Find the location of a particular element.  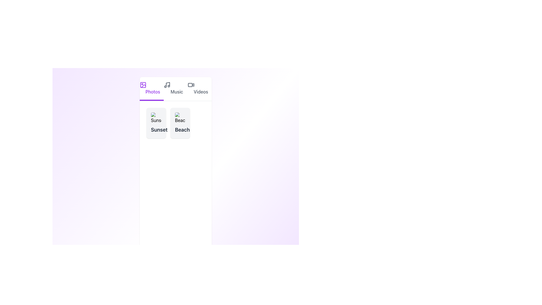

the 'Videos' text label in the top-right navigation menu, which is the third item next to 'Photos' and 'Music' is located at coordinates (201, 91).